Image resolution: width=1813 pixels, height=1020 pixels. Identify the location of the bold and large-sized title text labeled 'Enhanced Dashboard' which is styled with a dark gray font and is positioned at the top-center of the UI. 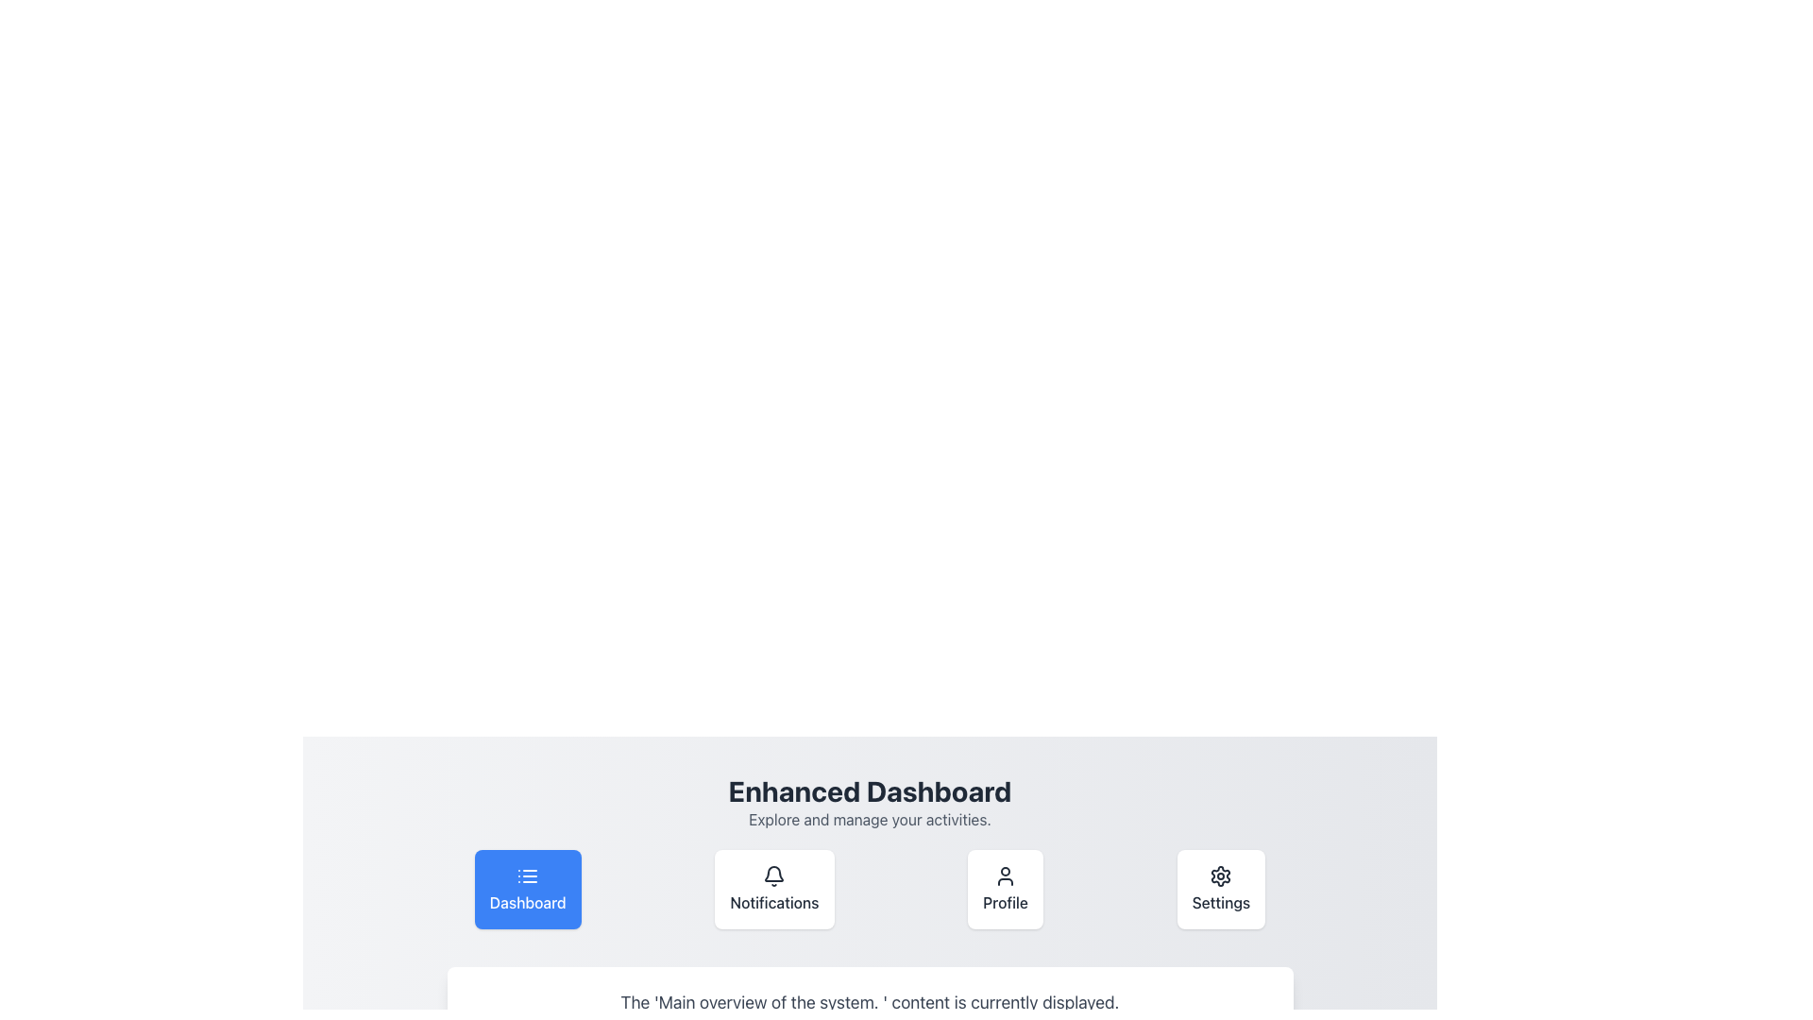
(869, 790).